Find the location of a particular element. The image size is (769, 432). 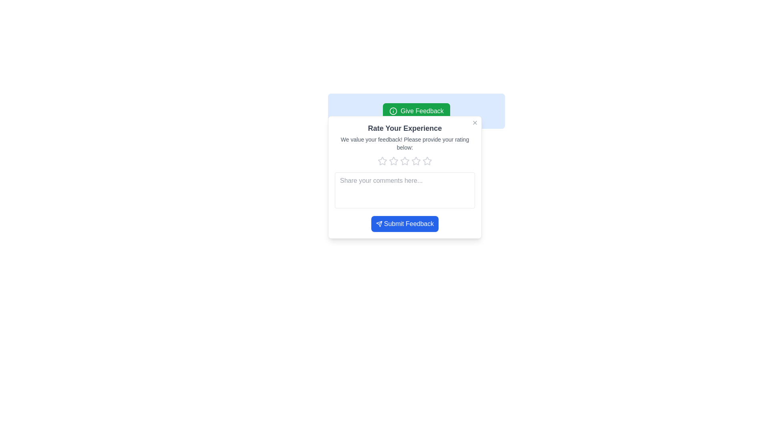

the fifth star rating icon in the 5-star rating system is located at coordinates (427, 161).